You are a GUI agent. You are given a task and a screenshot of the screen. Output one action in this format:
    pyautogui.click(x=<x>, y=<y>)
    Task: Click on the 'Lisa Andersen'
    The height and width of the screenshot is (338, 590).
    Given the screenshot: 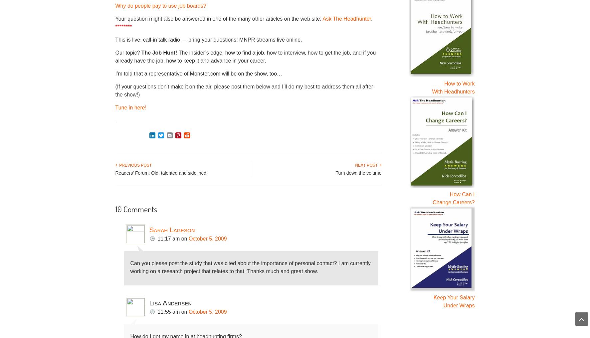 What is the action you would take?
    pyautogui.click(x=170, y=302)
    